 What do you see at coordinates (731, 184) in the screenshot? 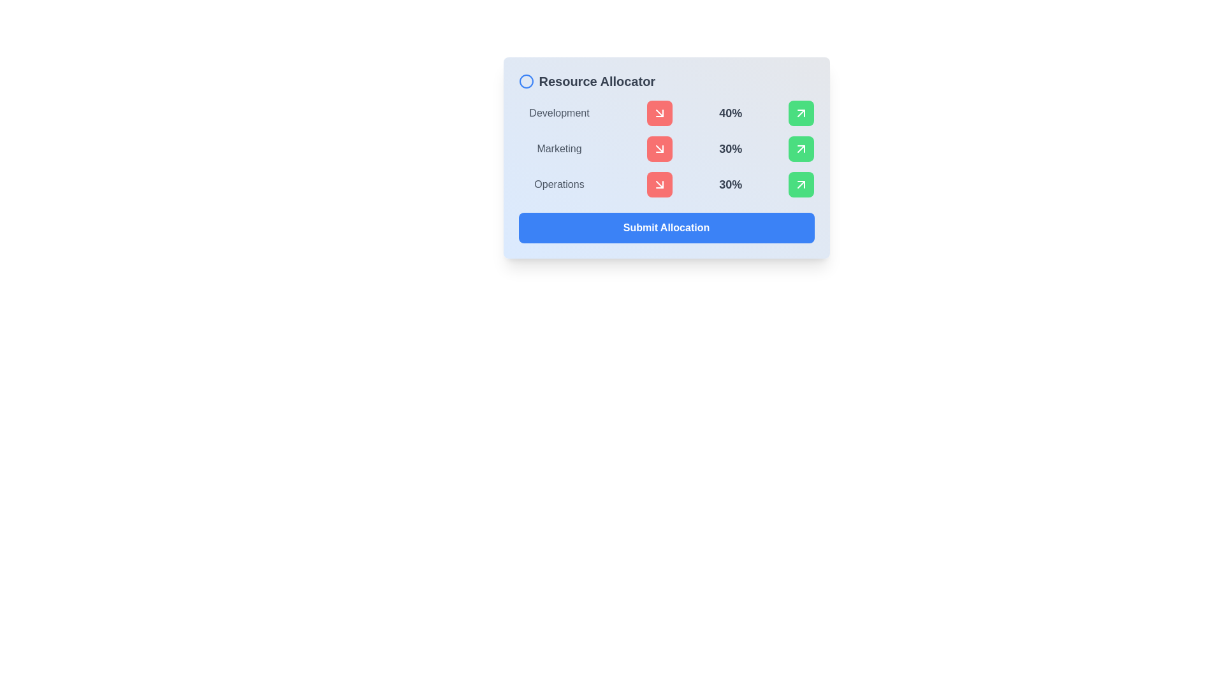
I see `percentage value displayed in the text label located in the 'Operations' row, positioned between a red downward arrow icon and a green upward arrow icon` at bounding box center [731, 184].